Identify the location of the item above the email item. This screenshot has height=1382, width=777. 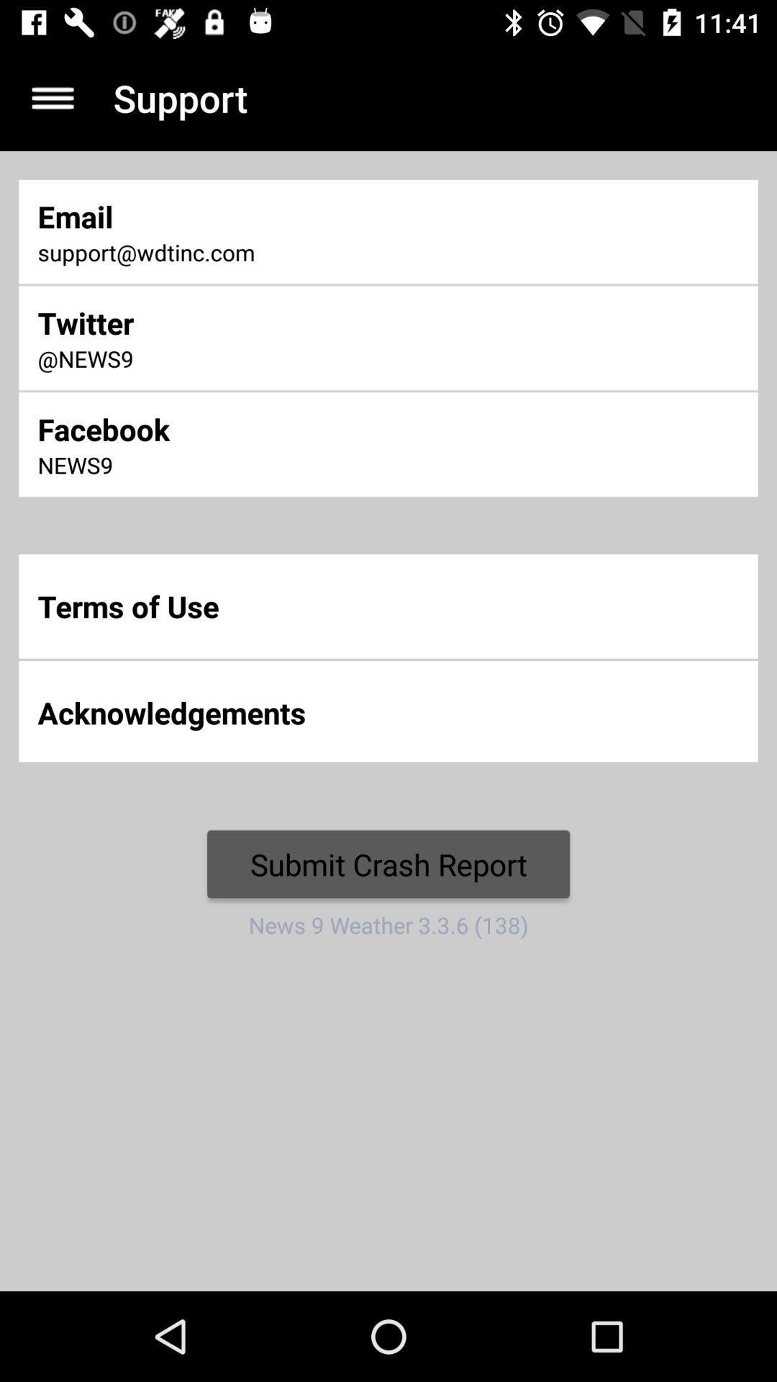
(52, 97).